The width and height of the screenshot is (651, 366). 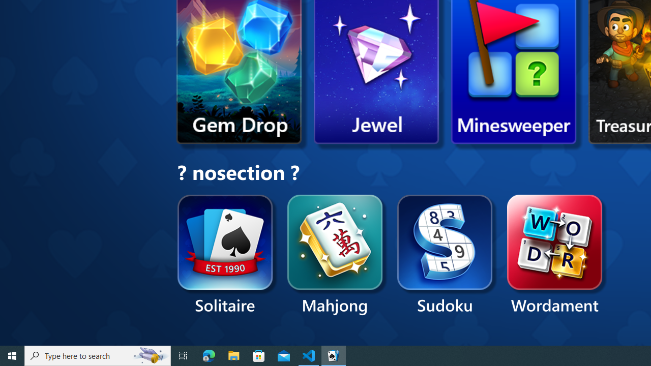 What do you see at coordinates (224, 255) in the screenshot?
I see `'Solitaire'` at bounding box center [224, 255].